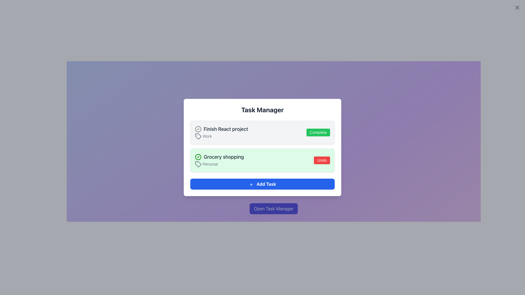 The image size is (525, 295). Describe the element at coordinates (517, 7) in the screenshot. I see `the Close or Cancel icon located at the upper-right corner of the application interface, which is part of the modal close controls` at that location.